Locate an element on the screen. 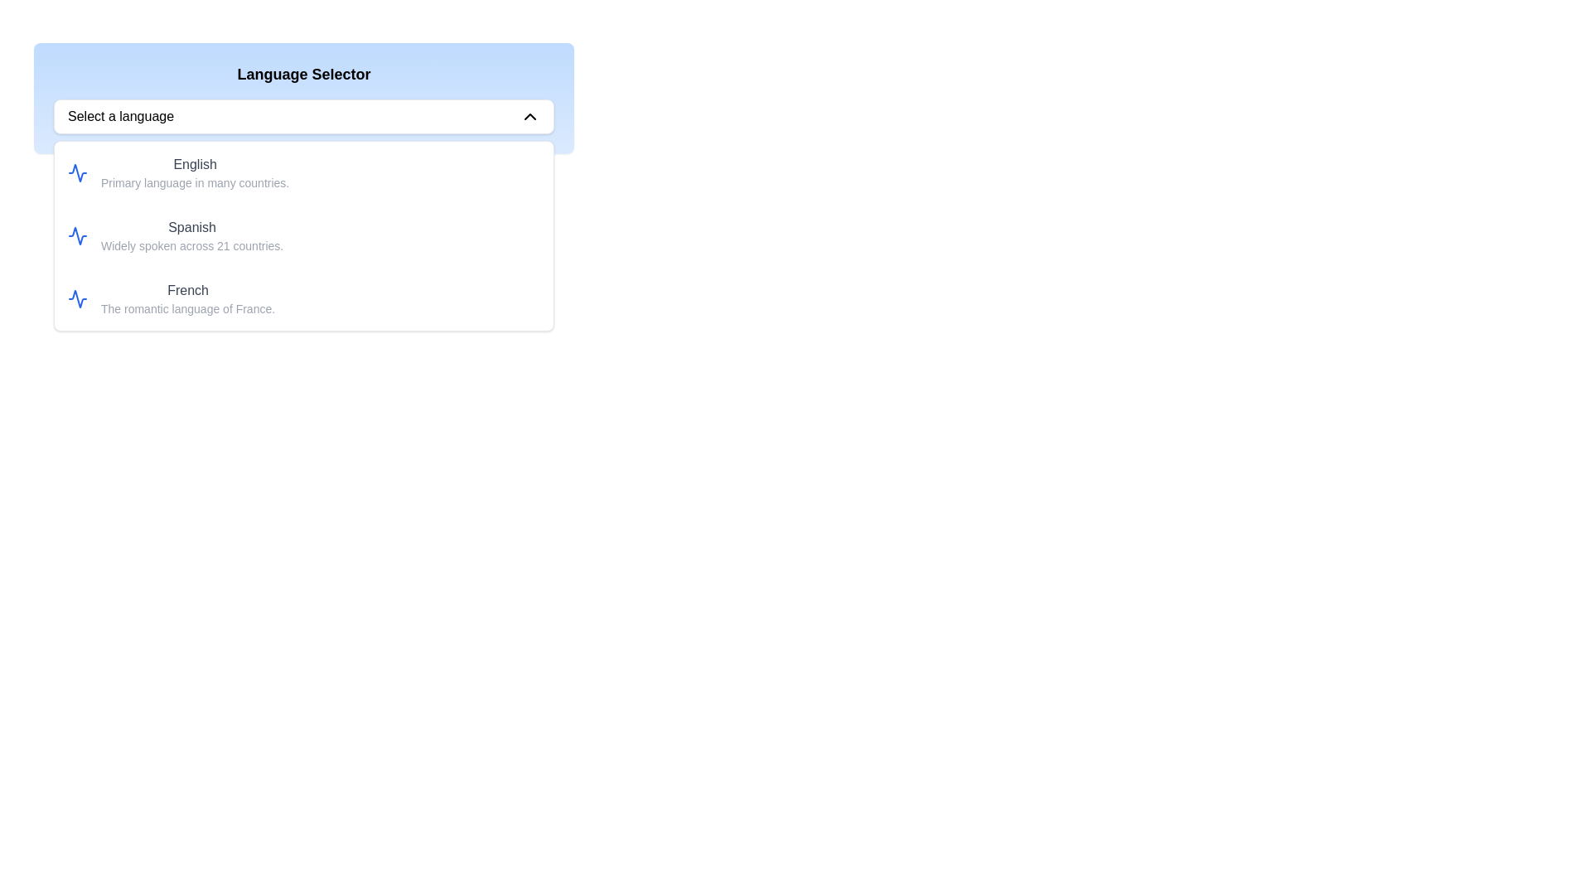 This screenshot has width=1591, height=895. the selectable list item labeled 'English' is located at coordinates (303, 172).